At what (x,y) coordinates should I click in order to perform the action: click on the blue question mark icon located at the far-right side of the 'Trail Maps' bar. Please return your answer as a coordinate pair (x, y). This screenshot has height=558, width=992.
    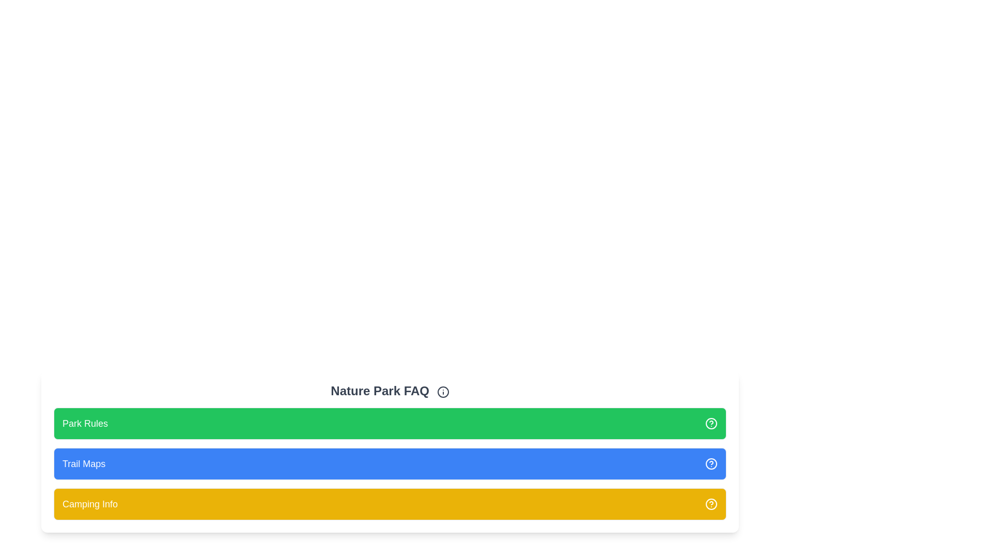
    Looking at the image, I should click on (711, 463).